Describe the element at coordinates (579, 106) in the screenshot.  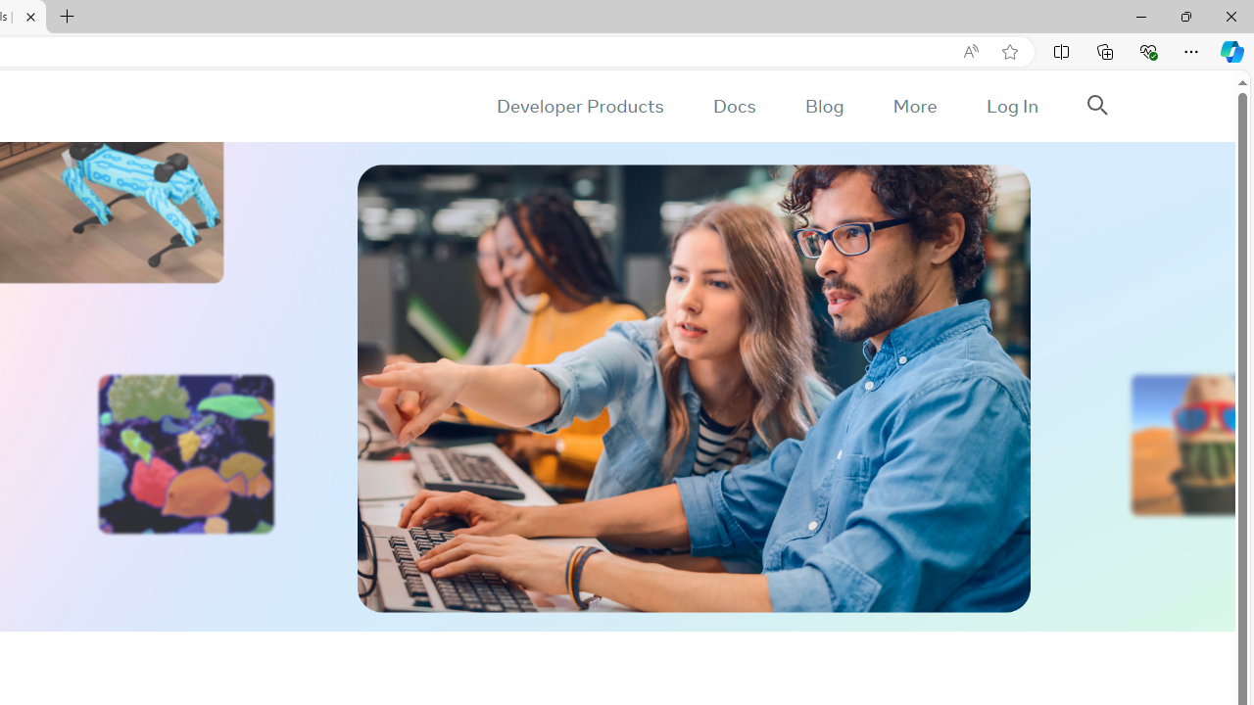
I see `'Developer Products'` at that location.